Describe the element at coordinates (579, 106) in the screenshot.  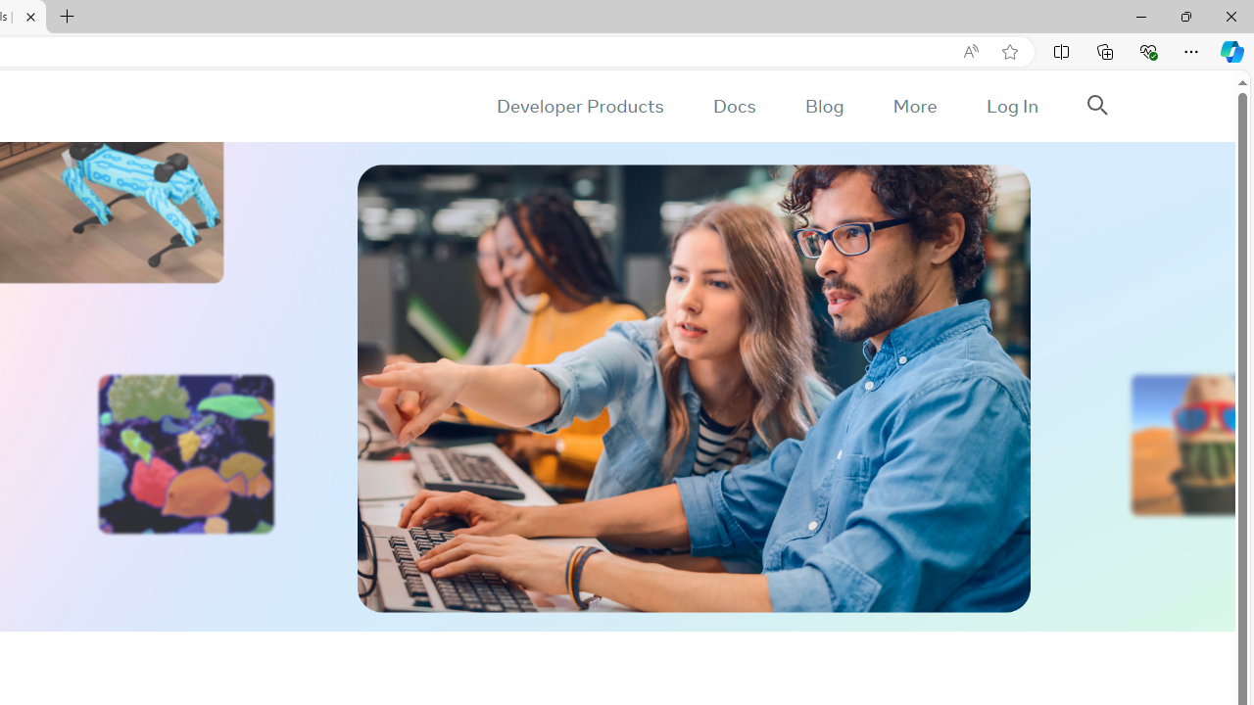
I see `'Developer Products'` at that location.